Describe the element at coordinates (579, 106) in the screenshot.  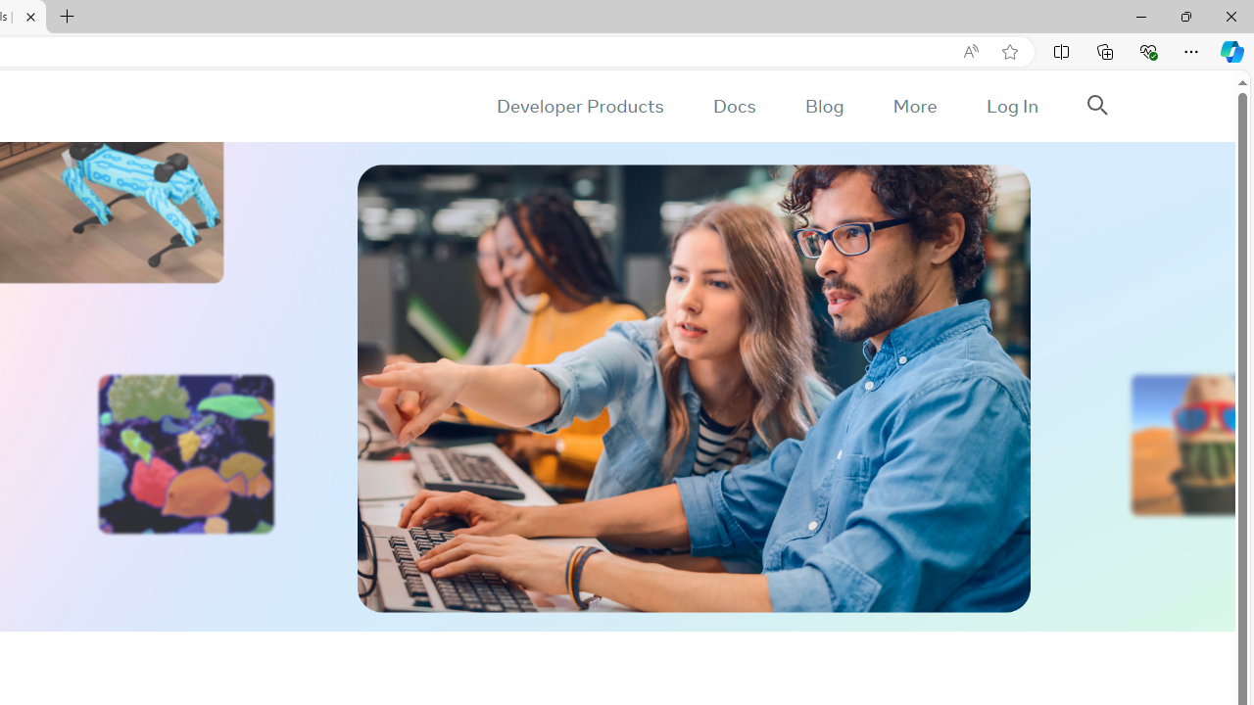
I see `'Developer Products'` at that location.